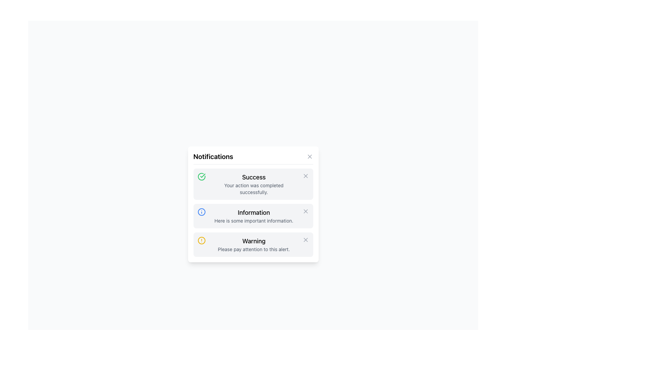  What do you see at coordinates (253, 189) in the screenshot?
I see `notification text that states 'Your action was completed successfully.' which is displayed in gray color below the heading 'Success' on the main notification card` at bounding box center [253, 189].